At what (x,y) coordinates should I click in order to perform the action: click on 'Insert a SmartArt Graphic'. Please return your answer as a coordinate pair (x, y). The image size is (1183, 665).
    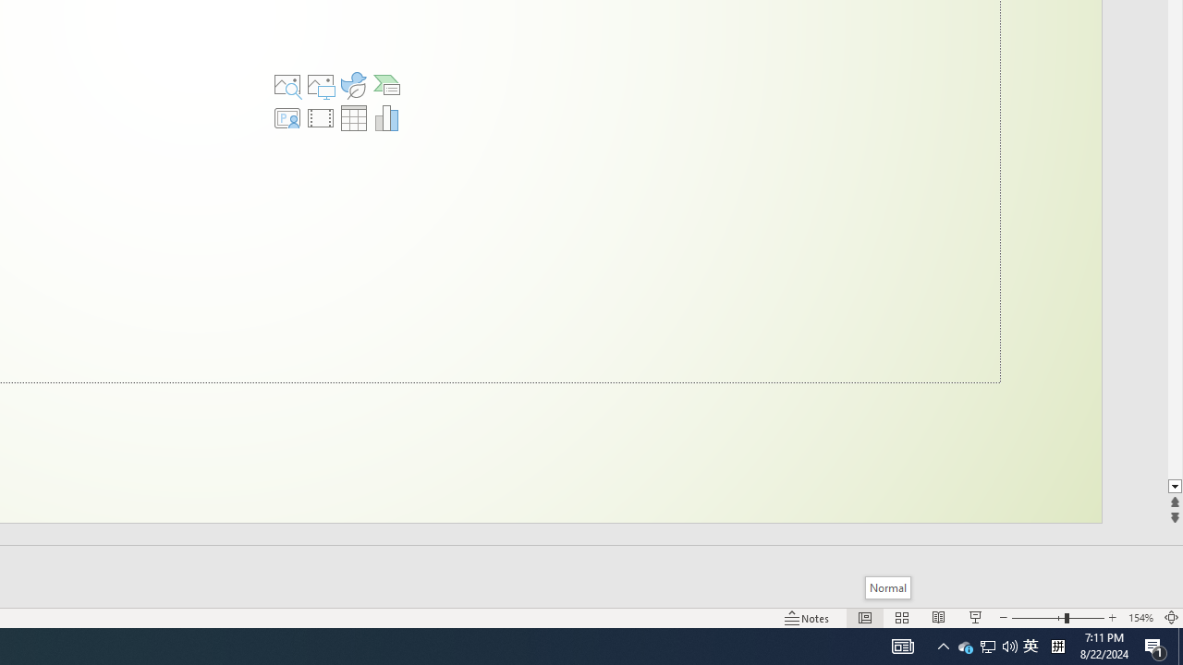
    Looking at the image, I should click on (386, 85).